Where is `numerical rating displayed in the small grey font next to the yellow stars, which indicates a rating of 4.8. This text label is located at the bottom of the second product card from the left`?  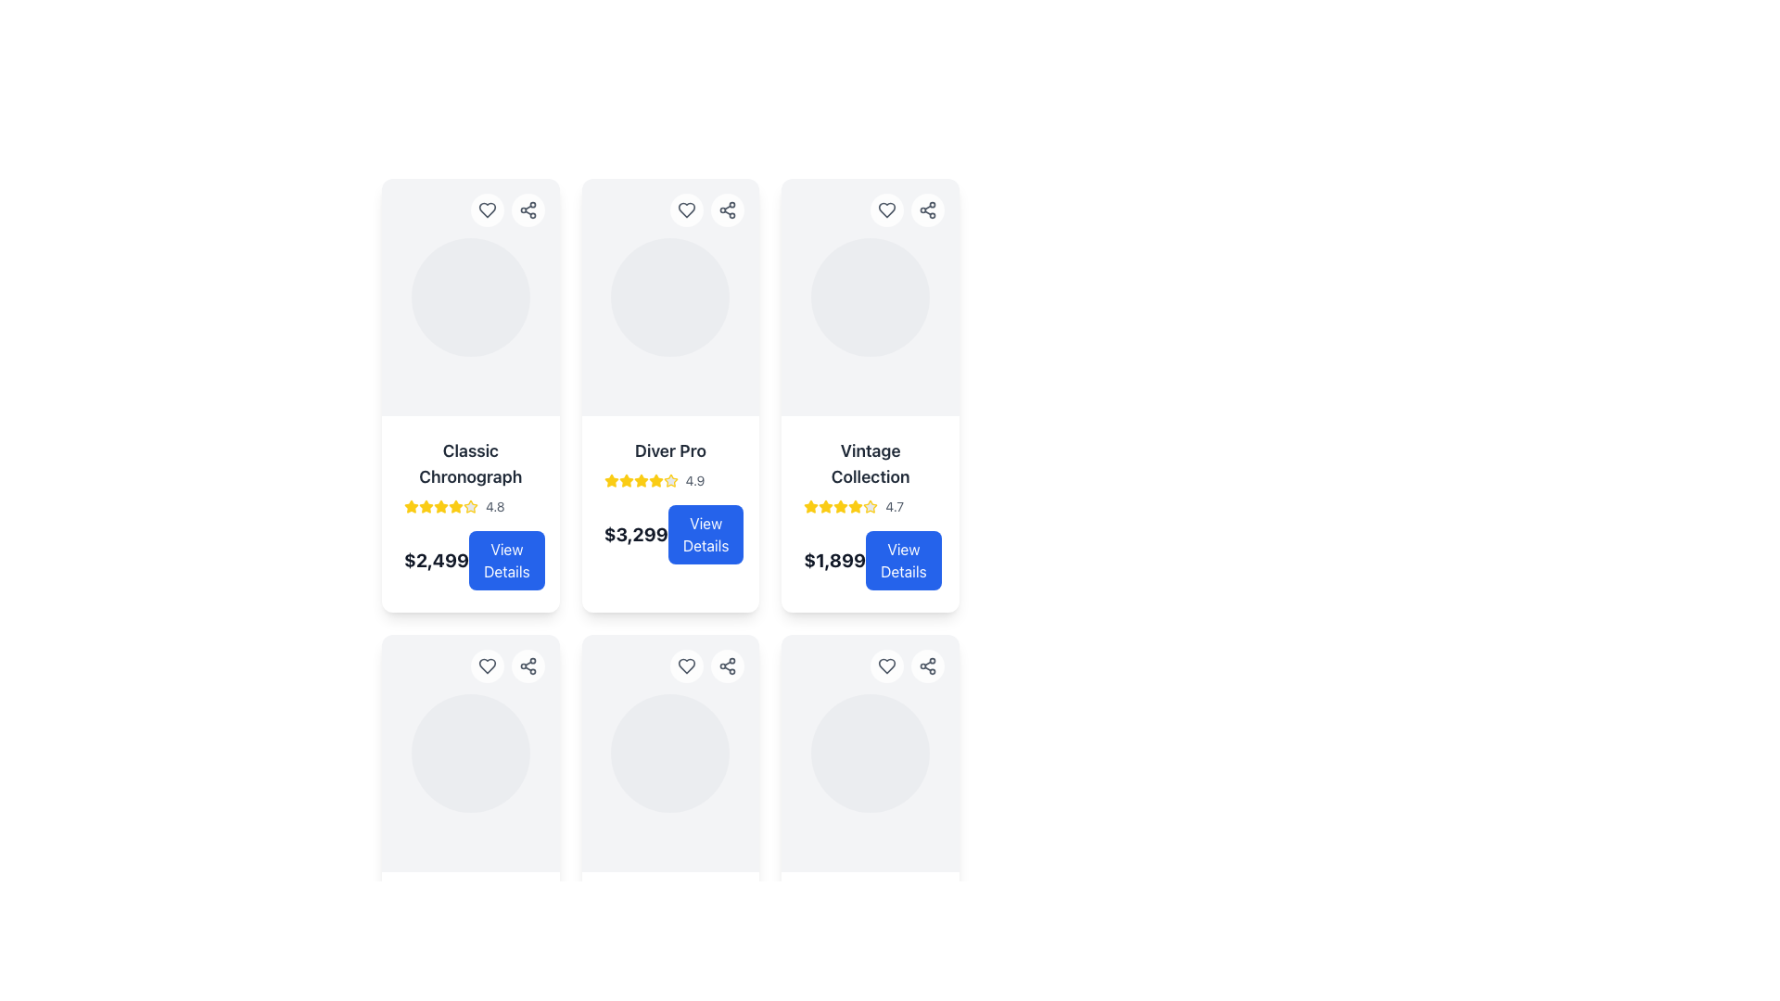
numerical rating displayed in the small grey font next to the yellow stars, which indicates a rating of 4.8. This text label is located at the bottom of the second product card from the left is located at coordinates (495, 507).